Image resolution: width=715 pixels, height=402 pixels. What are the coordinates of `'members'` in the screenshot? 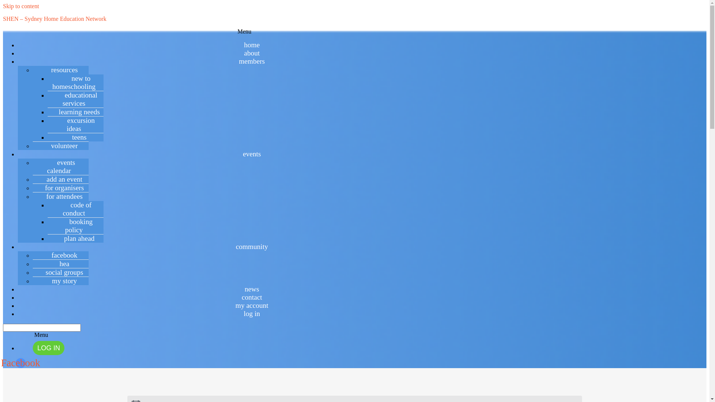 It's located at (252, 61).